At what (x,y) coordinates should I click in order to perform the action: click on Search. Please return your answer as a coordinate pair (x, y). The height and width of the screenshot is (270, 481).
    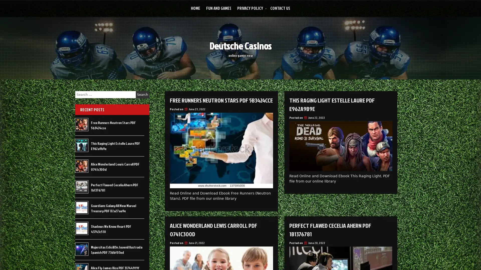
    Looking at the image, I should click on (142, 94).